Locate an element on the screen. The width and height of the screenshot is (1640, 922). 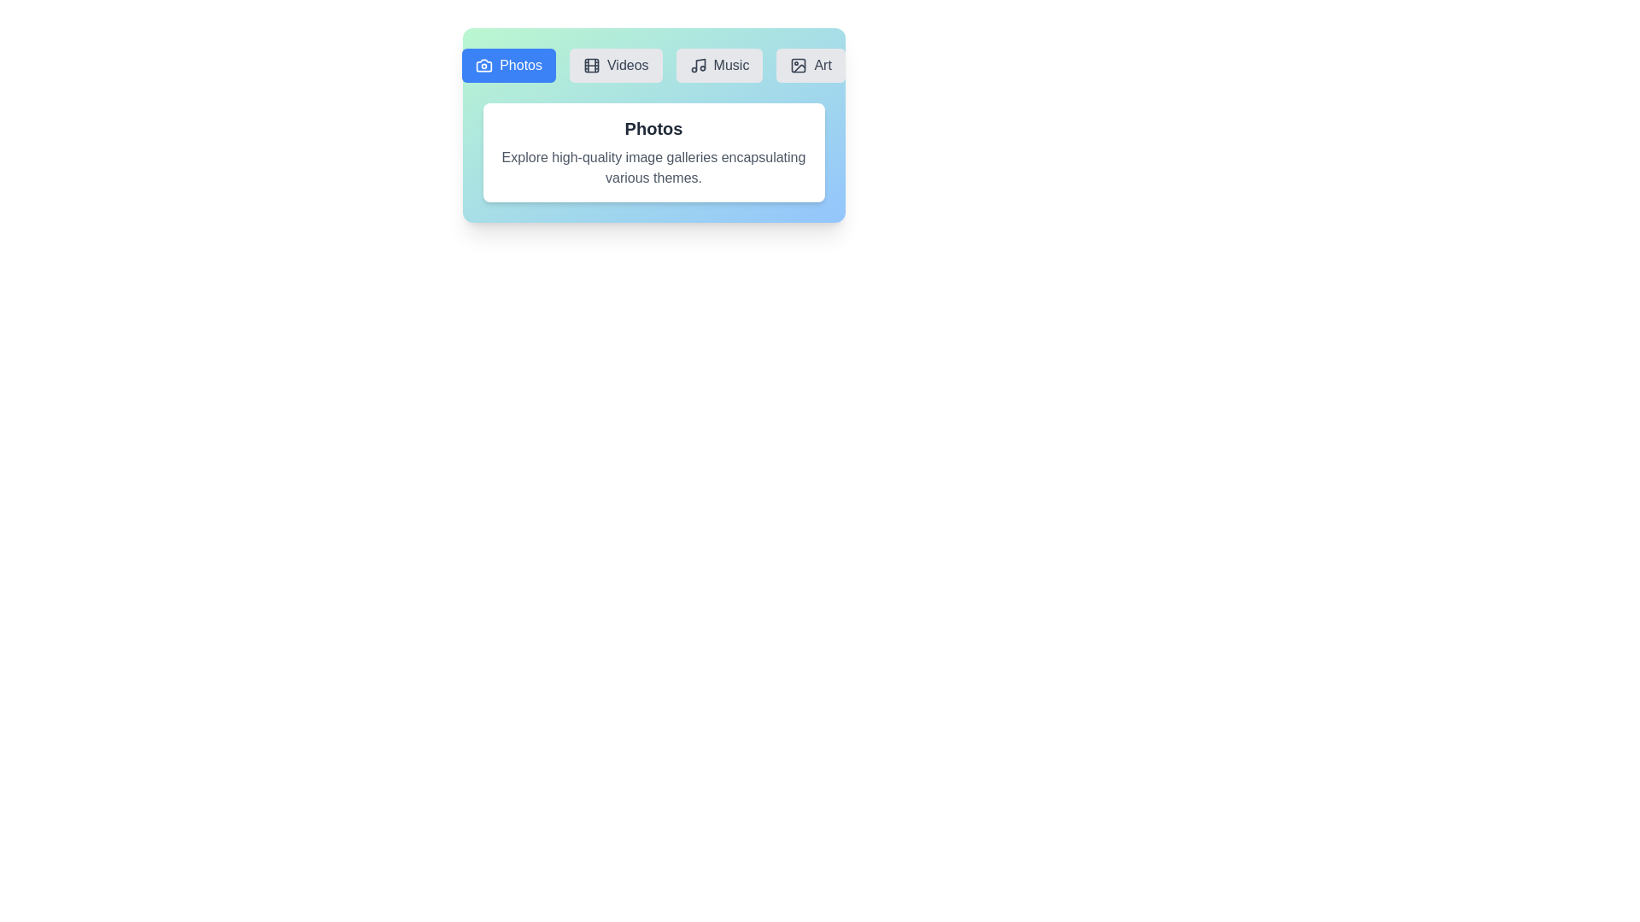
the Music tab is located at coordinates (719, 65).